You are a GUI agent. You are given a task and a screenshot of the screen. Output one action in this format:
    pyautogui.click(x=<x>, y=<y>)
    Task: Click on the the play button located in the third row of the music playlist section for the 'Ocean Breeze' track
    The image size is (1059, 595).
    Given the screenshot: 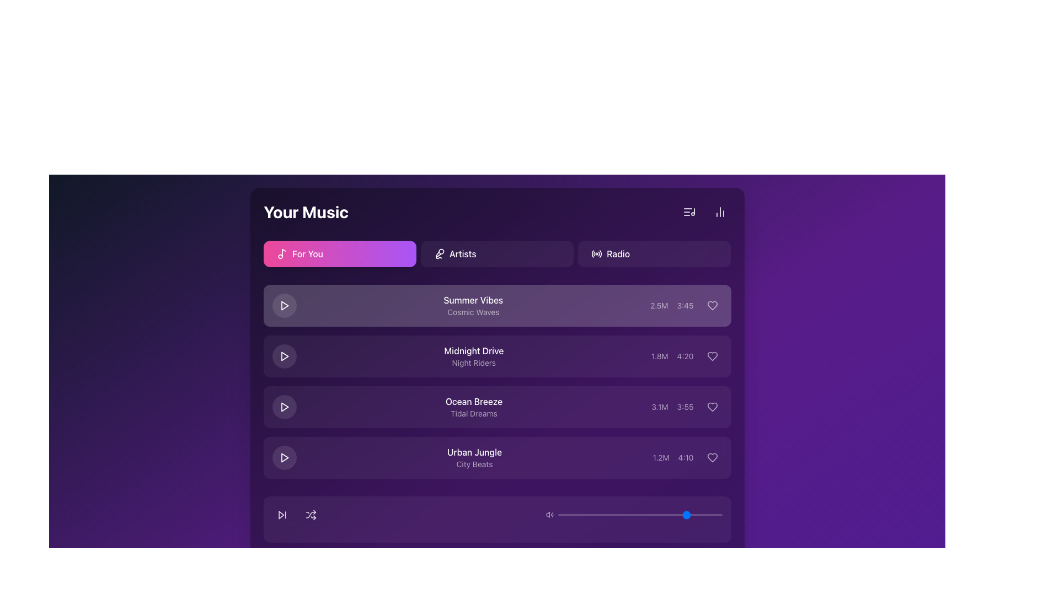 What is the action you would take?
    pyautogui.click(x=284, y=407)
    